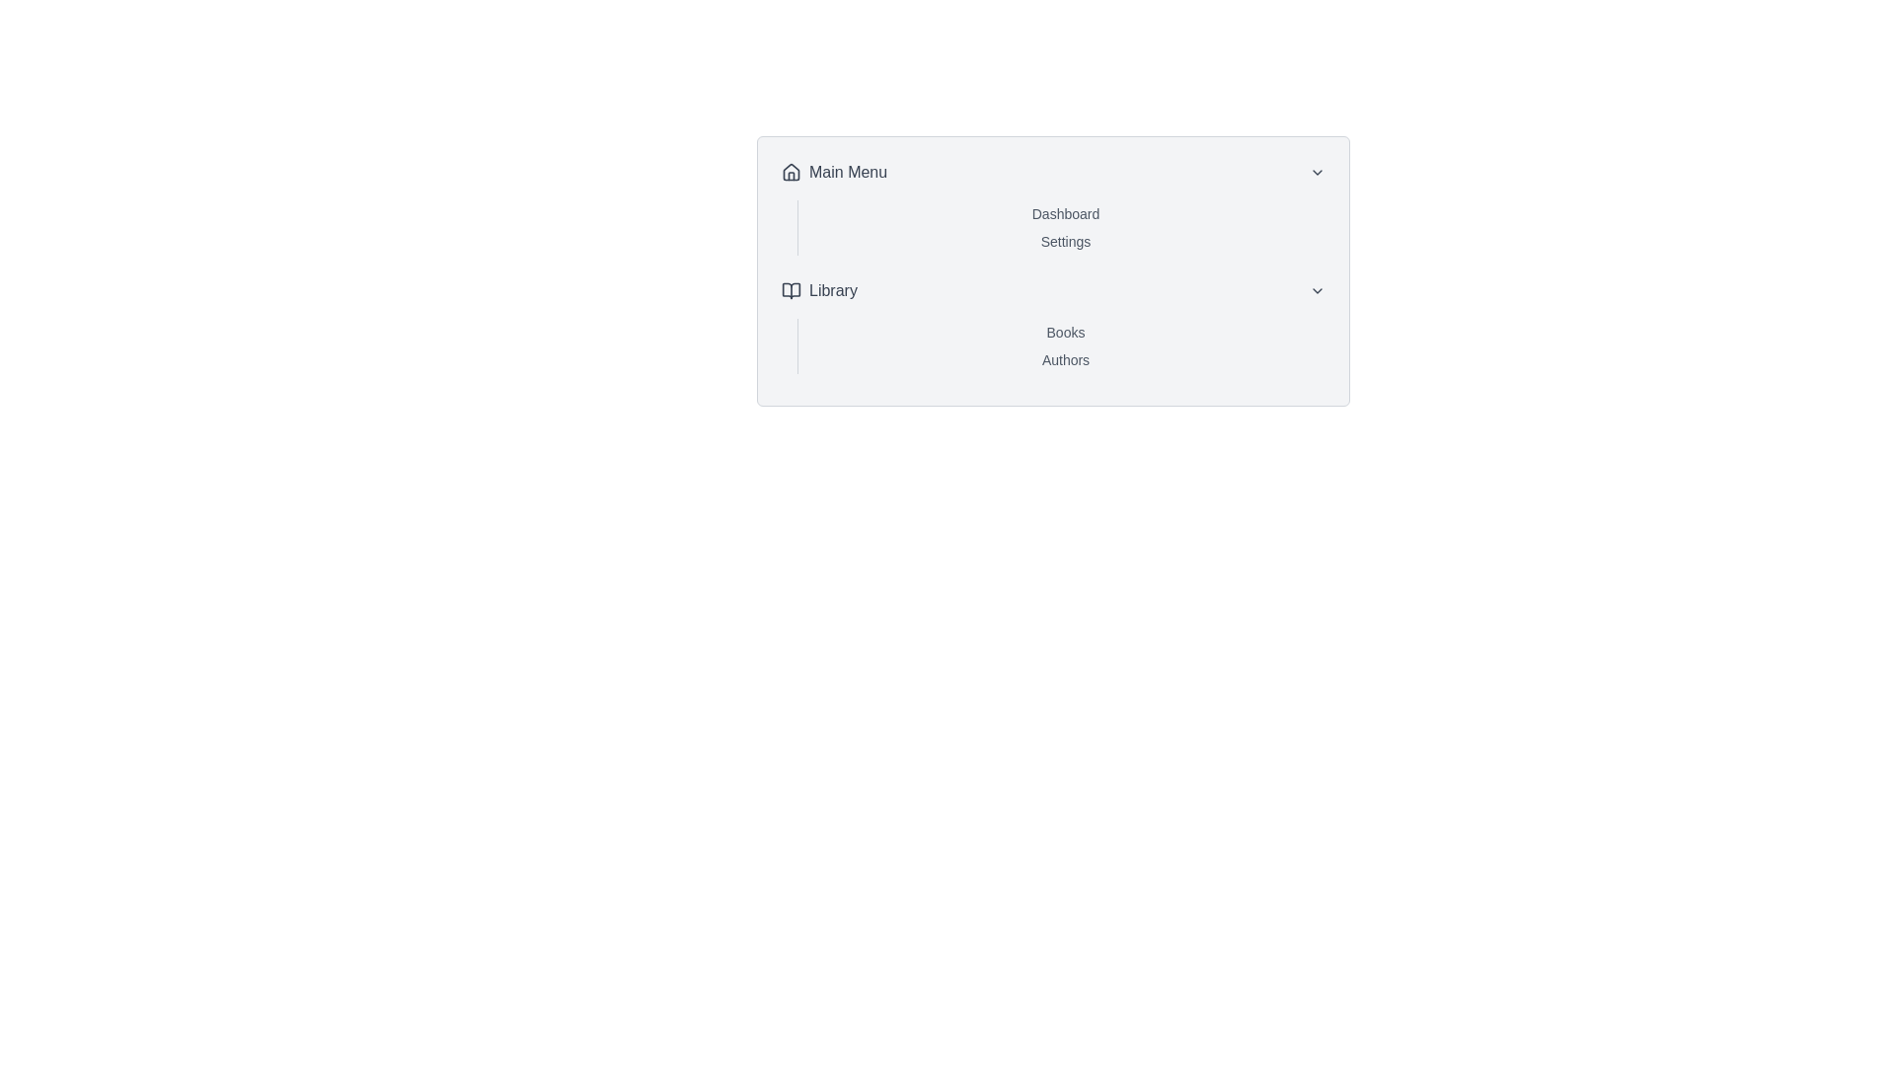  I want to click on the subsections within the Menu Grouping, which is a rectangular element with a light gray background and dark gray outline, containing 'Main Menu' and 'Library' items, so click(1052, 270).